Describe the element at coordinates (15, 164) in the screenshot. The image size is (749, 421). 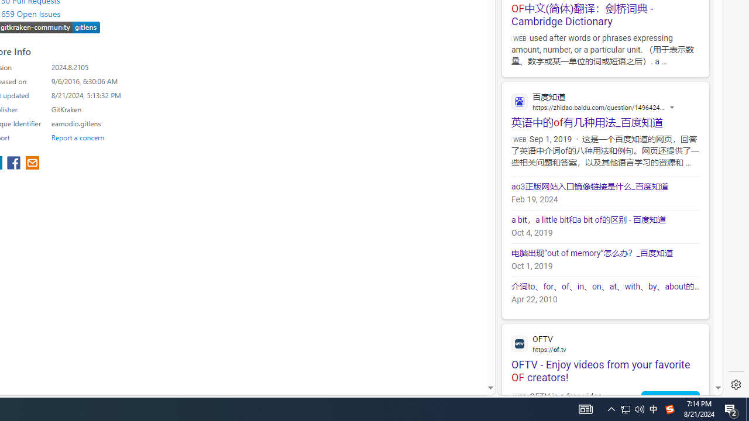
I see `'share extension on facebook'` at that location.